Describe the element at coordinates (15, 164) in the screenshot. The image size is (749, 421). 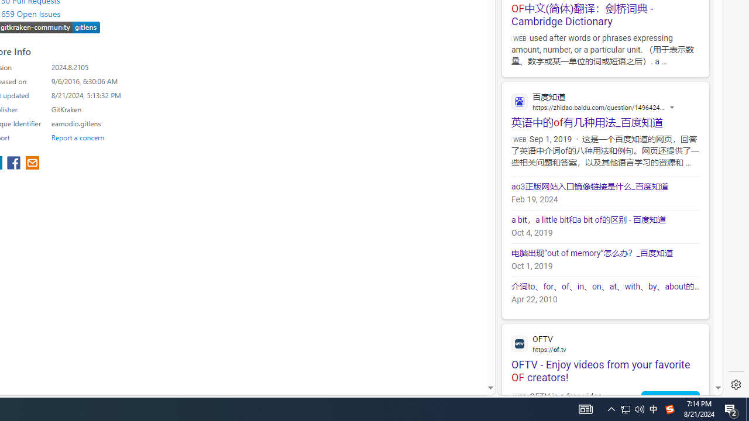
I see `'share extension on facebook'` at that location.